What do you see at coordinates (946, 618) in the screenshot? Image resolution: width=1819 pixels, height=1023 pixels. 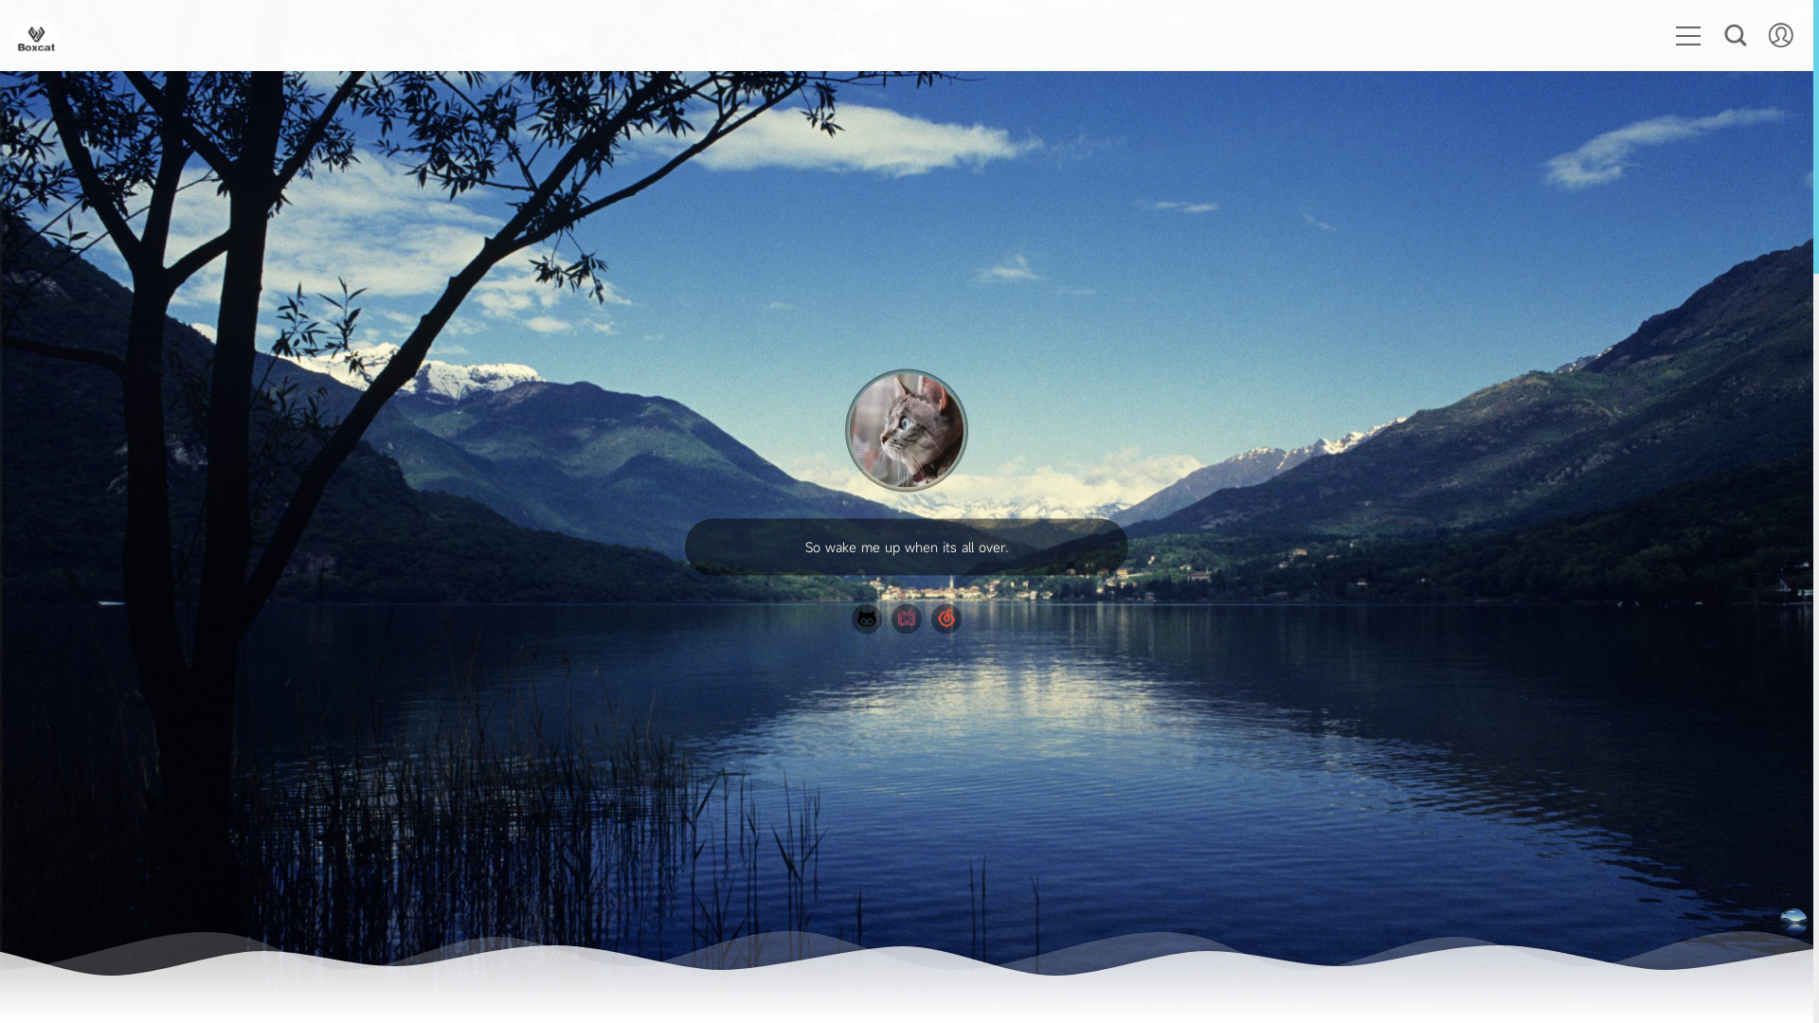 I see `'CloudMusic'` at bounding box center [946, 618].